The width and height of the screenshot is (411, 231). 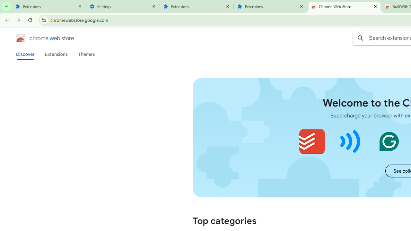 What do you see at coordinates (38, 38) in the screenshot?
I see `'Chrome Web Store logo chrome web store'` at bounding box center [38, 38].